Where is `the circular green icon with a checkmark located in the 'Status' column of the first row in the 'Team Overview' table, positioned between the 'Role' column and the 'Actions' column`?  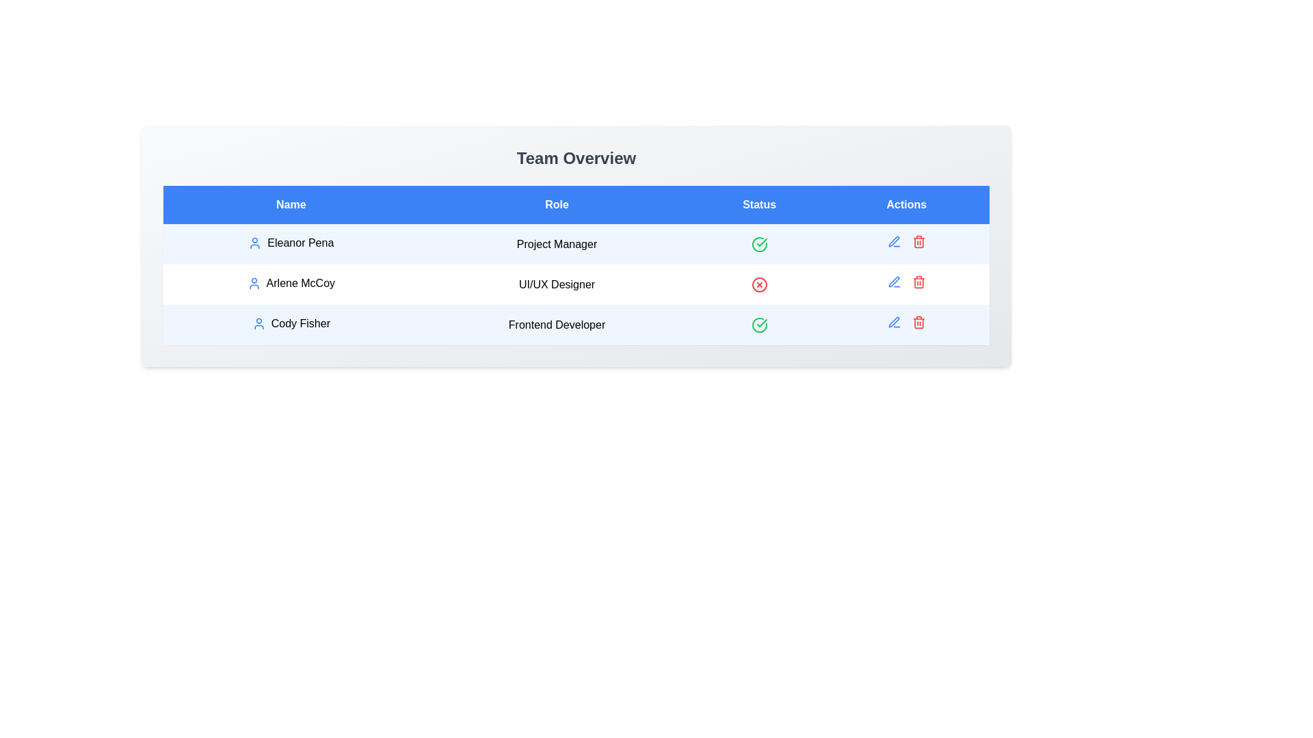 the circular green icon with a checkmark located in the 'Status' column of the first row in the 'Team Overview' table, positioned between the 'Role' column and the 'Actions' column is located at coordinates (758, 243).